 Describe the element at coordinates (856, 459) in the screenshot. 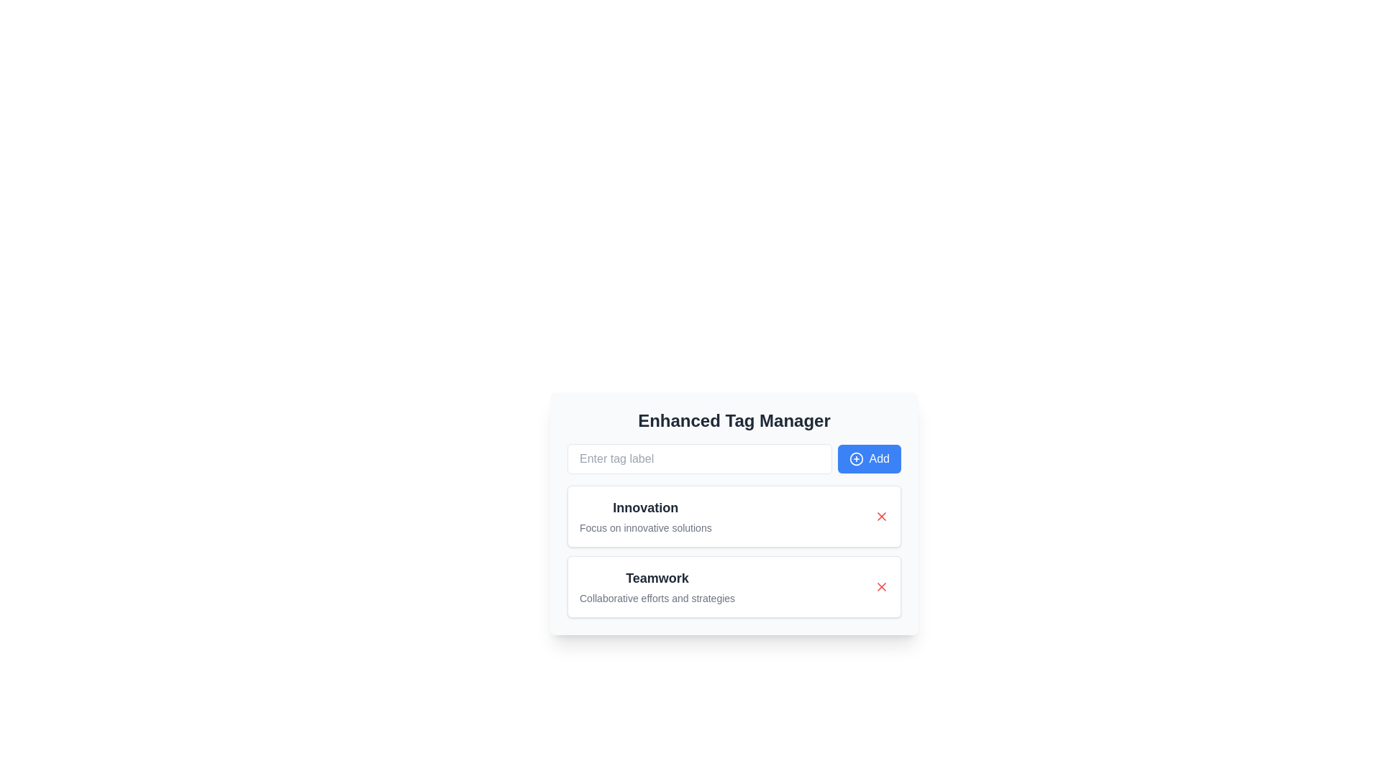

I see `the decorative icon located to the right of the 'Enter tag label' input field` at that location.